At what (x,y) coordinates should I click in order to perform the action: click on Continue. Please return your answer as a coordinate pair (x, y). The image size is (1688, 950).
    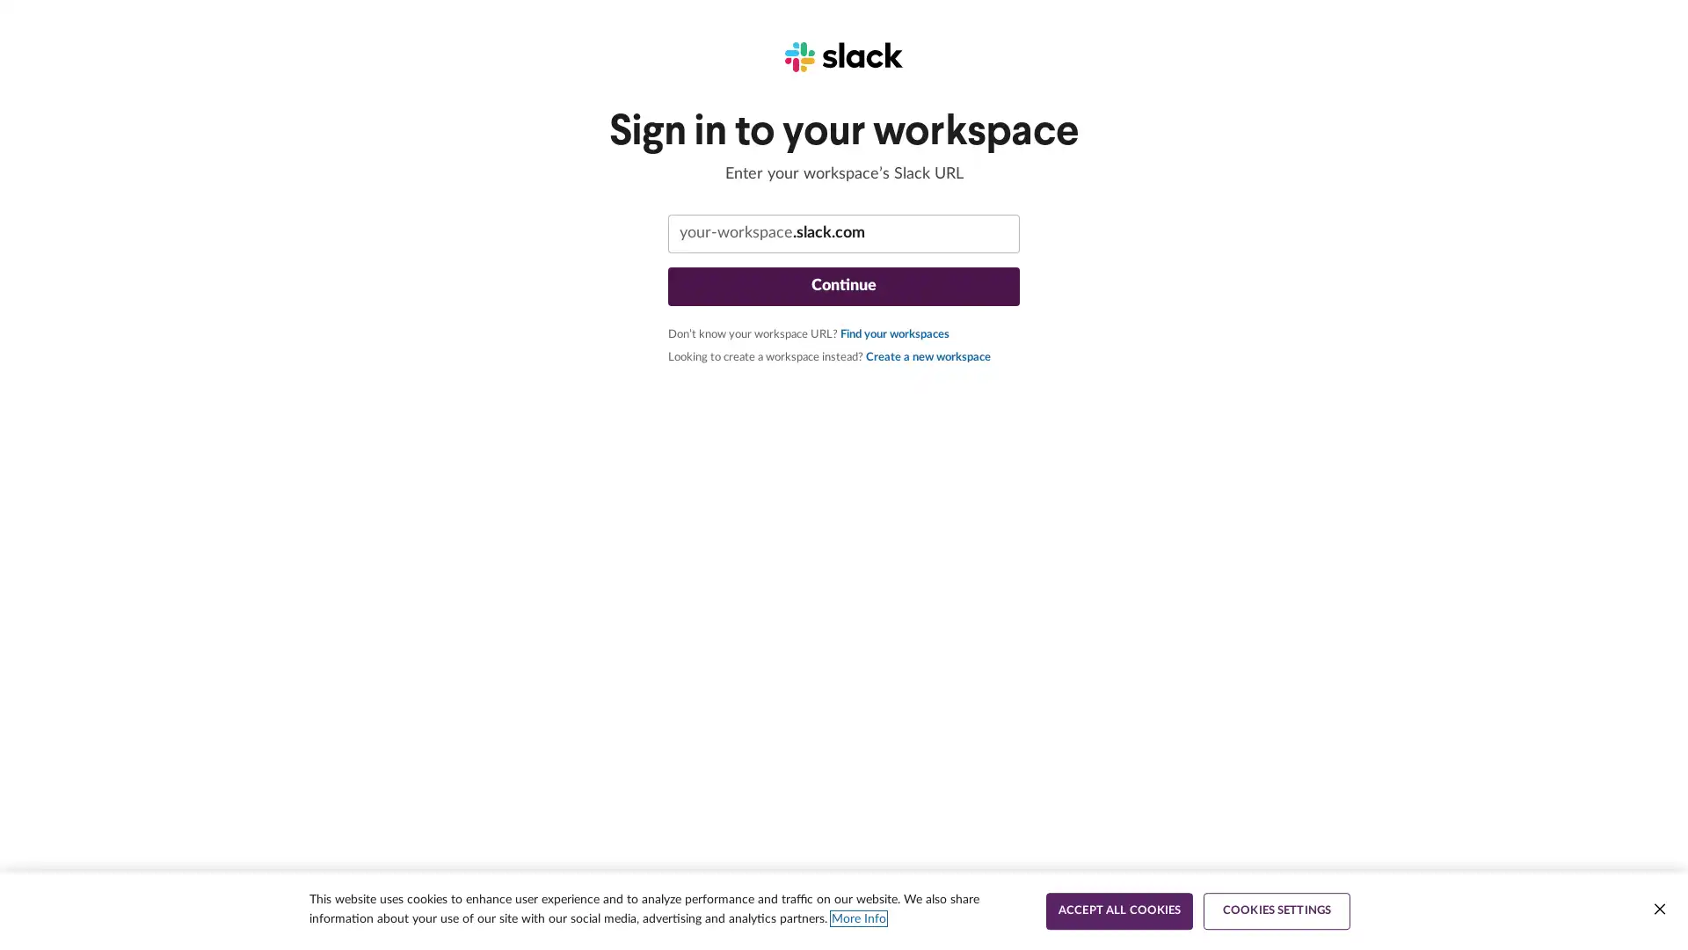
    Looking at the image, I should click on (844, 286).